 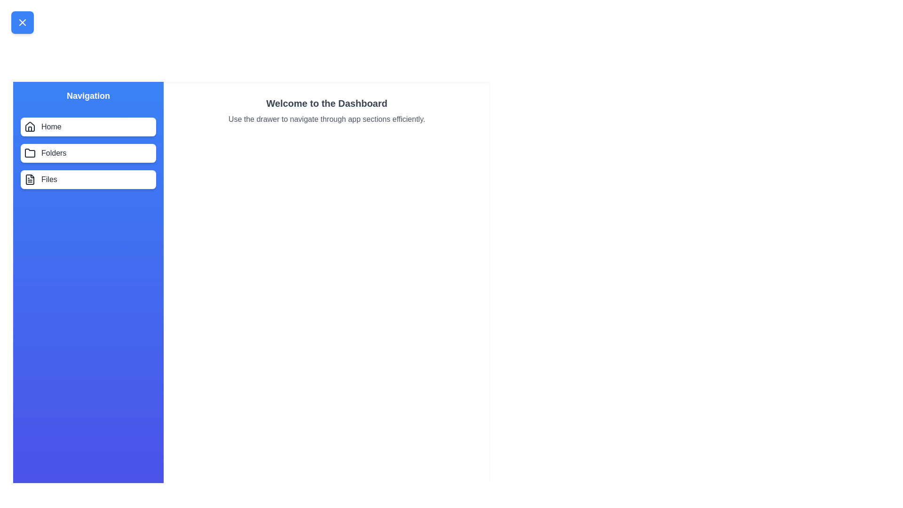 I want to click on the menu item Home, so click(x=88, y=127).